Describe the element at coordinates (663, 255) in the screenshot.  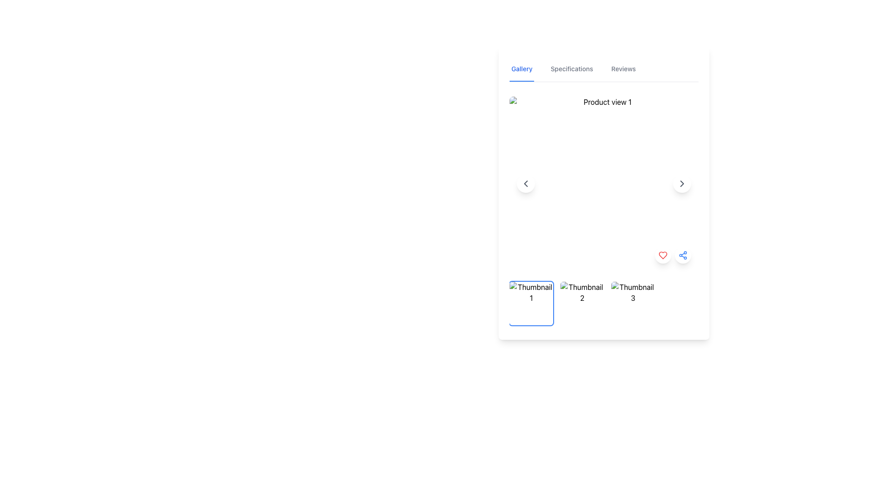
I see `the first circular button located in the bottom right corner of the panel` at that location.